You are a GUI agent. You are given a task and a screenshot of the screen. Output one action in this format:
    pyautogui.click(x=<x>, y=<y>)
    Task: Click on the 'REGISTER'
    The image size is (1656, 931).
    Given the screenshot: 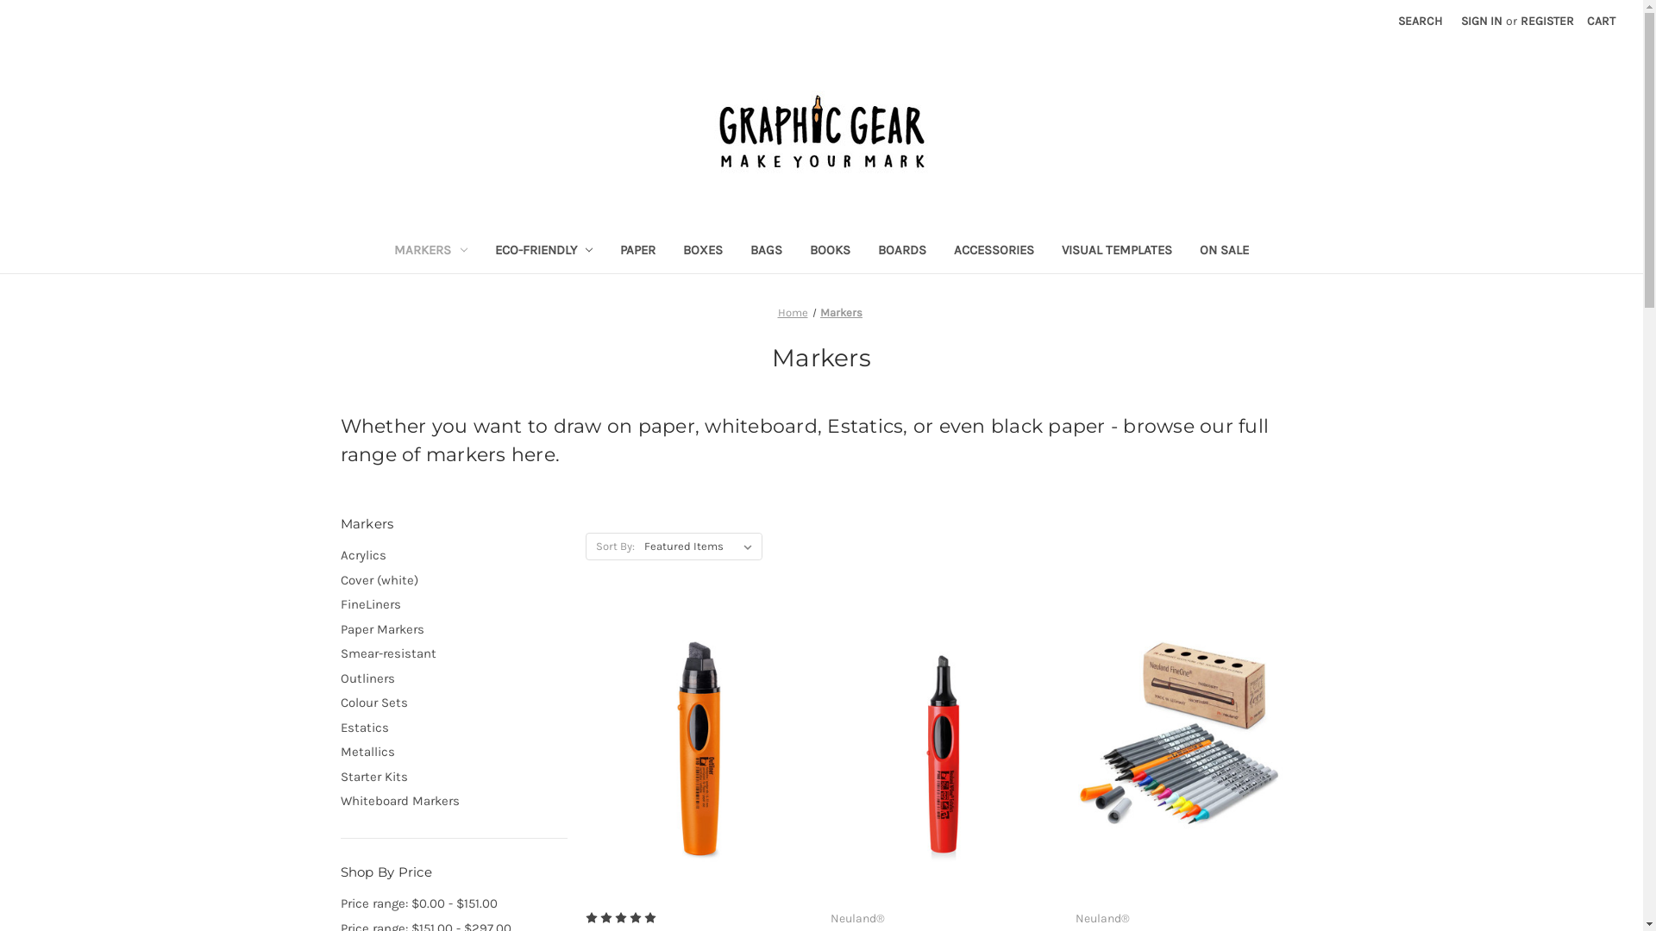 What is the action you would take?
    pyautogui.click(x=1547, y=21)
    